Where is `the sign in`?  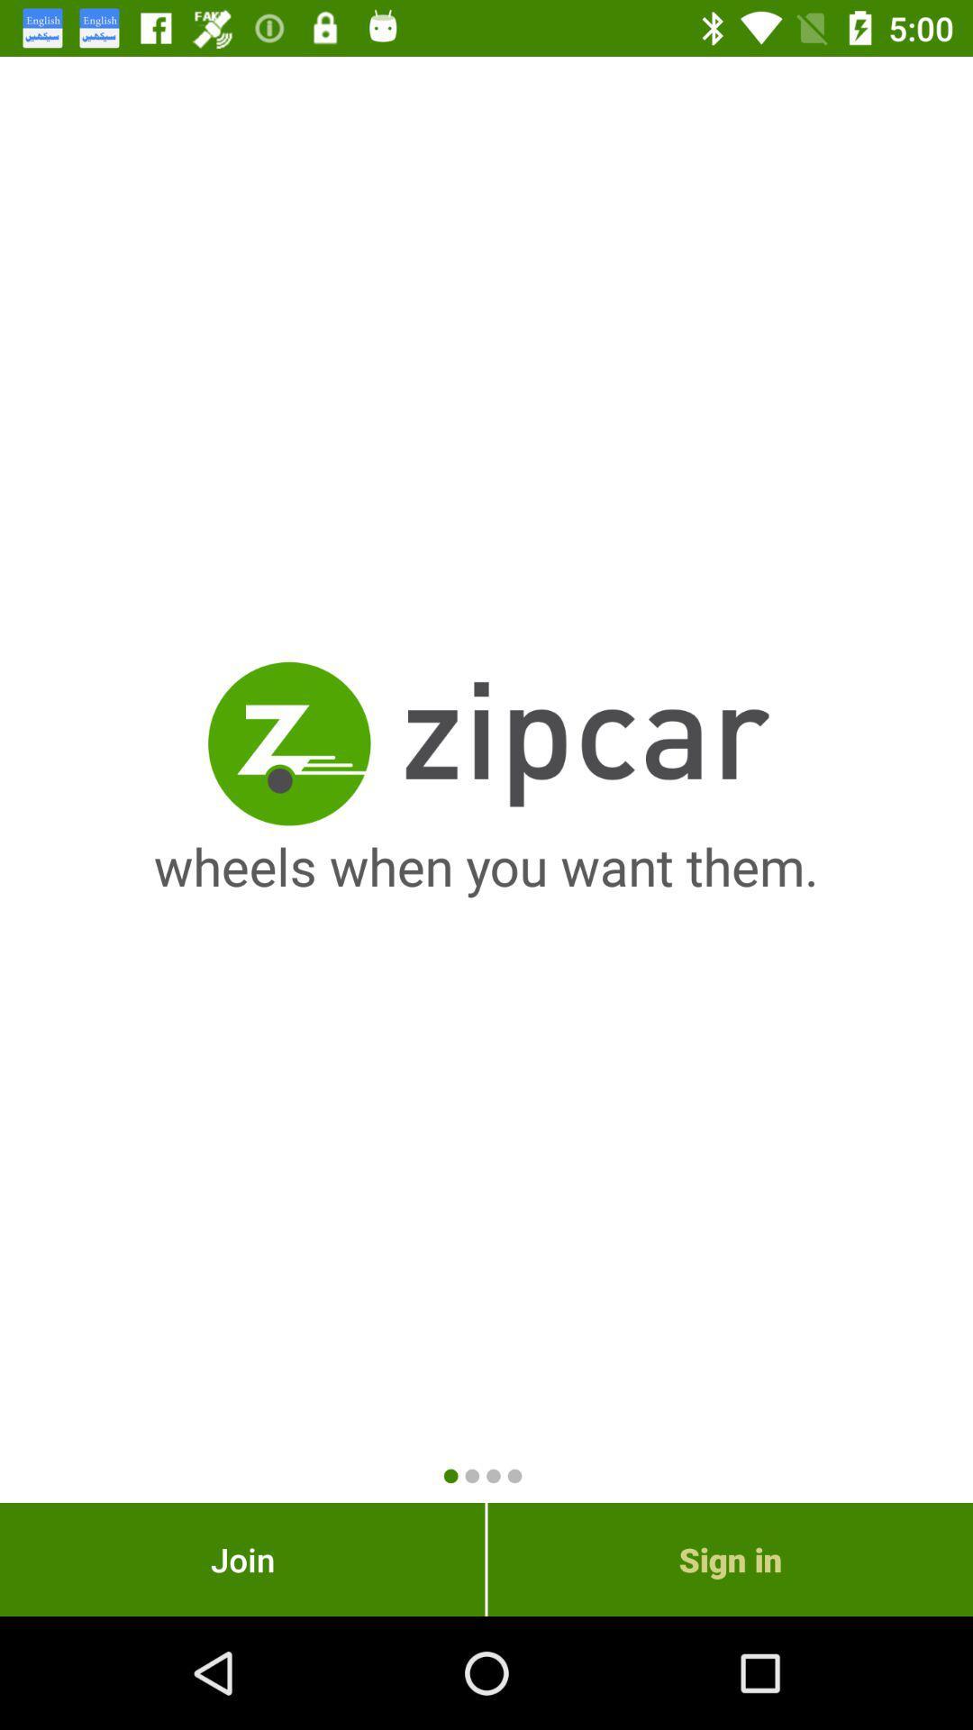 the sign in is located at coordinates (730, 1559).